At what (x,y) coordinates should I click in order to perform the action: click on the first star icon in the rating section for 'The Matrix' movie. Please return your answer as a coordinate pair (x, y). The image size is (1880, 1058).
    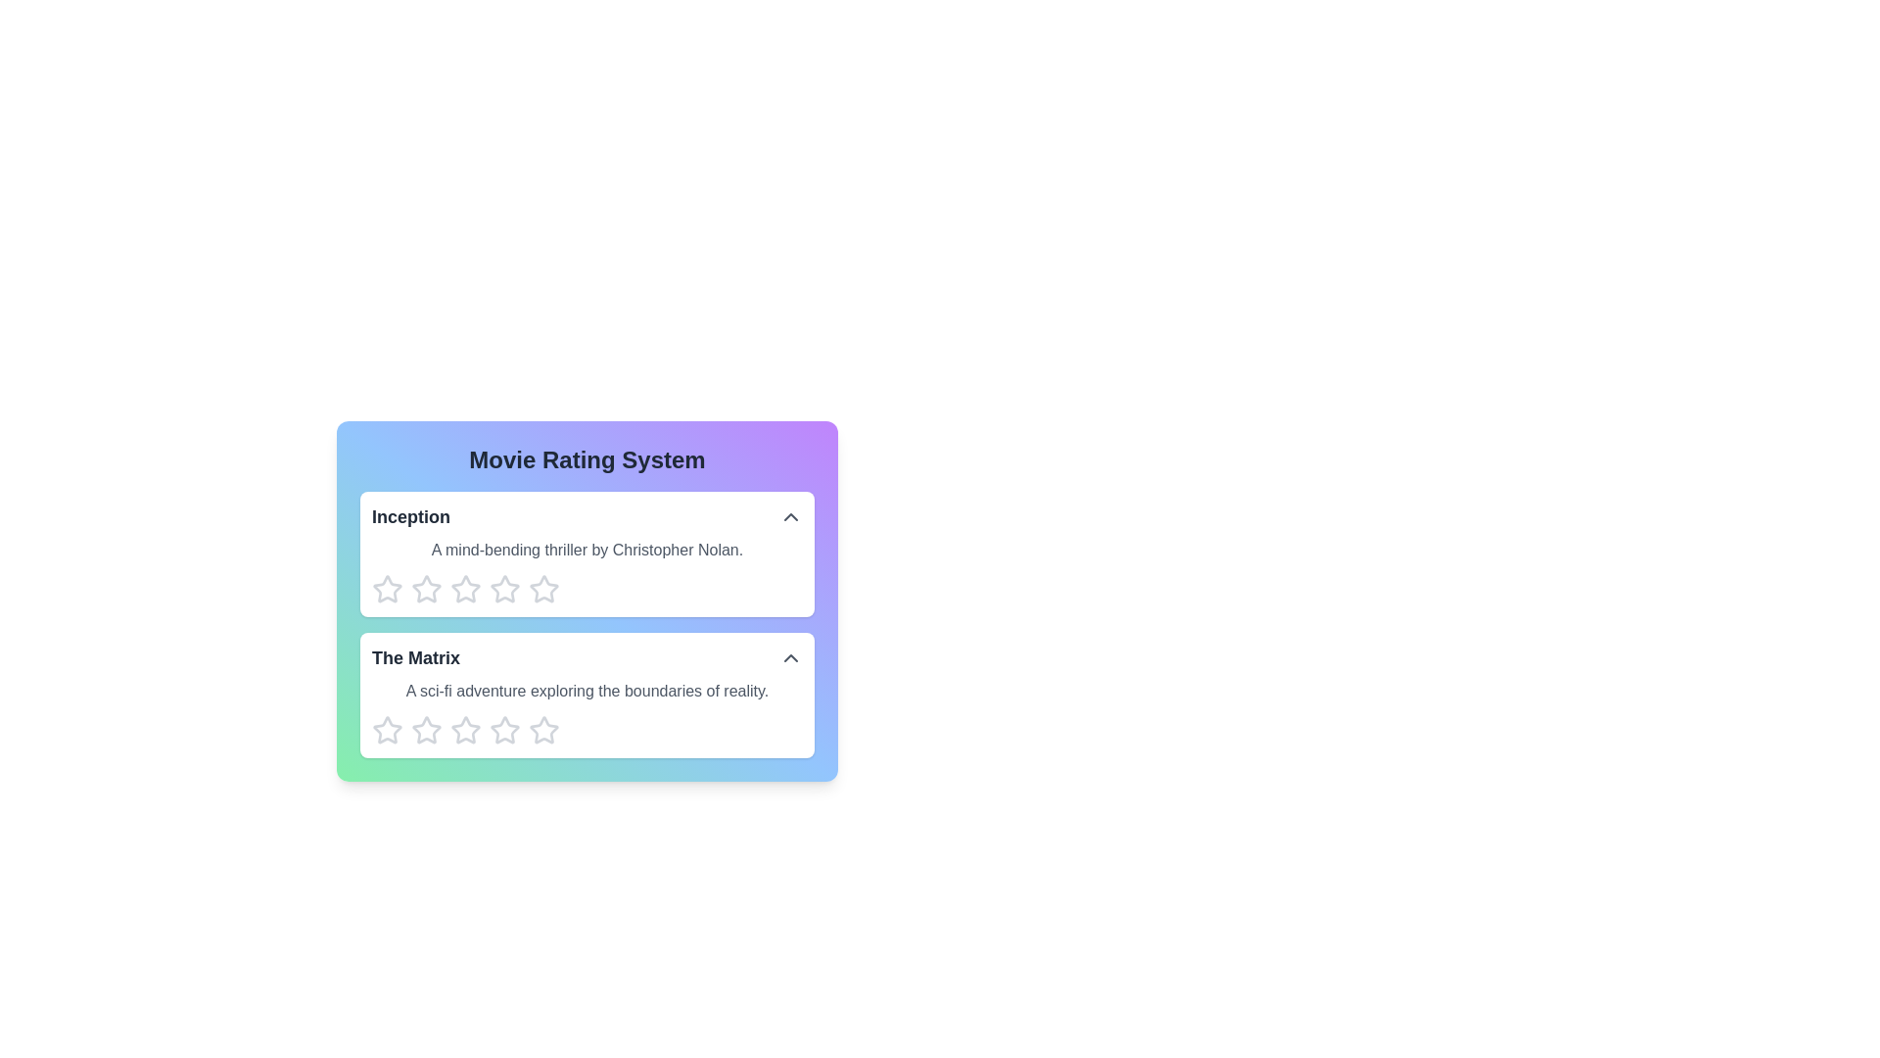
    Looking at the image, I should click on (426, 730).